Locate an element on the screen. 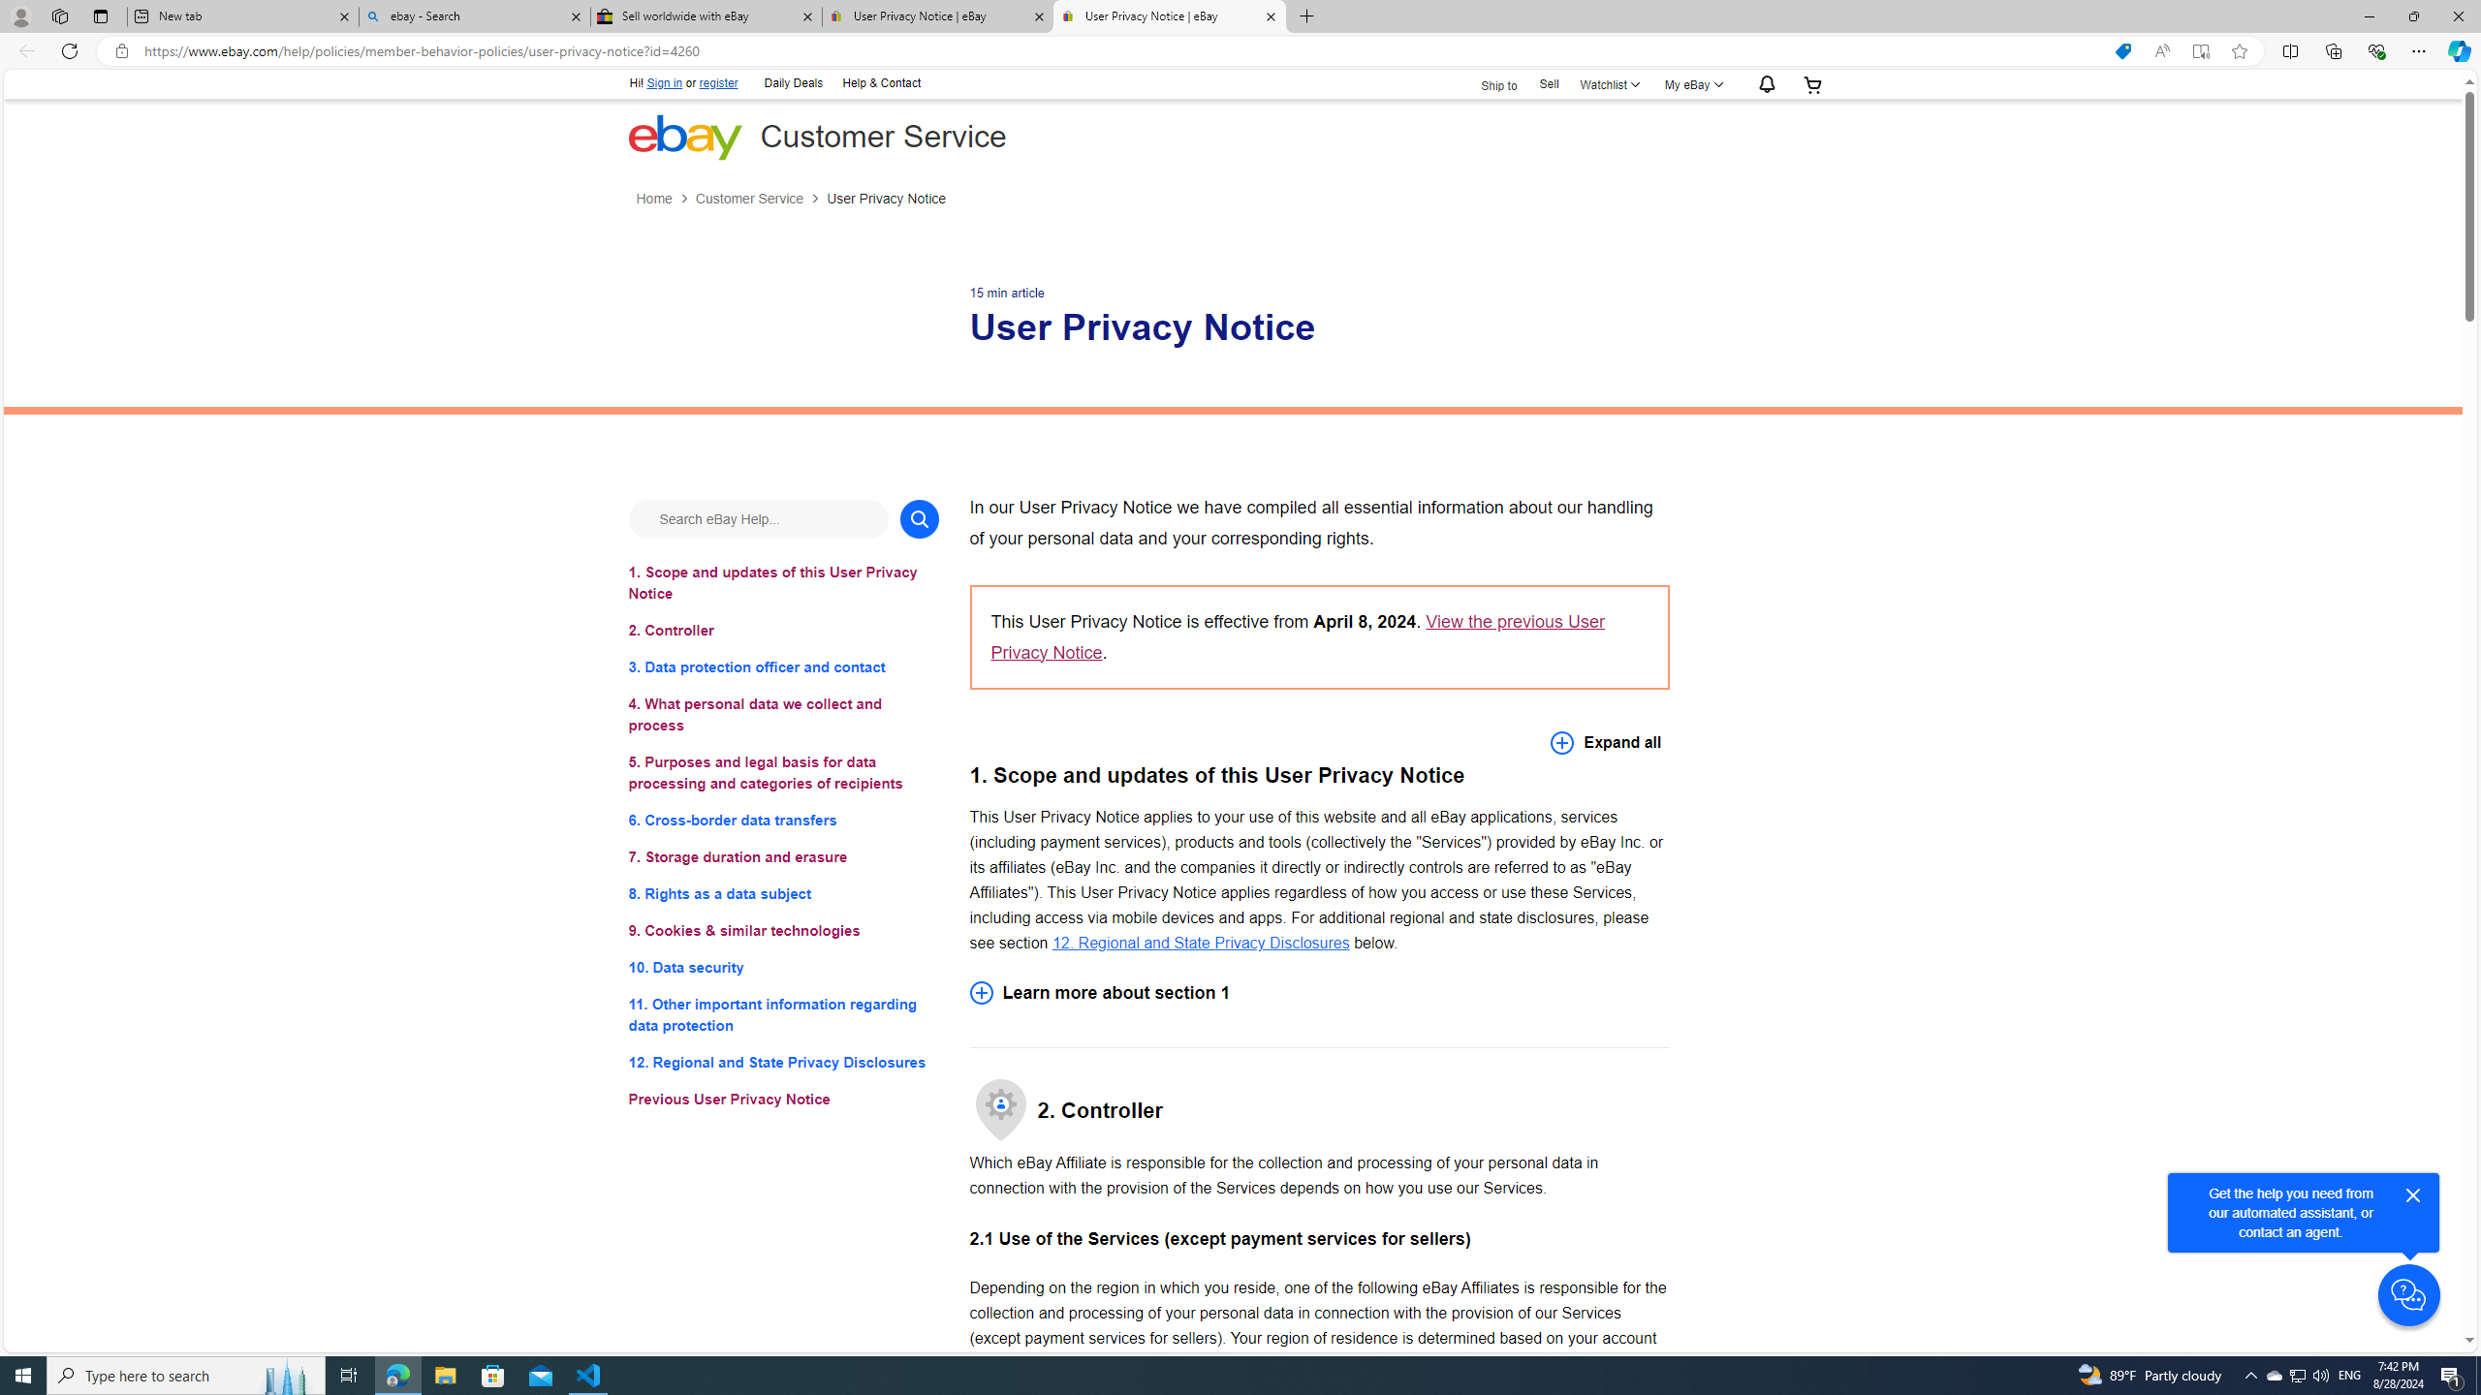 The height and width of the screenshot is (1395, 2481). 'Expand all' is located at coordinates (1605, 741).